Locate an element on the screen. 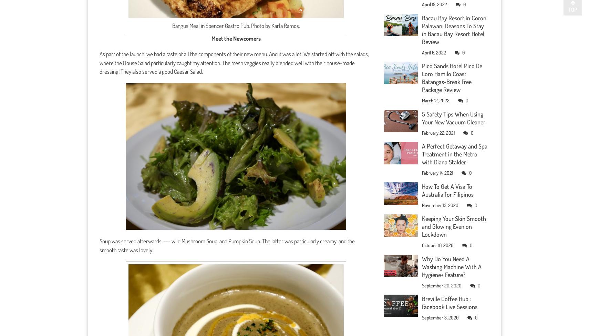 The height and width of the screenshot is (336, 589). 'November 13, 2020' is located at coordinates (440, 205).